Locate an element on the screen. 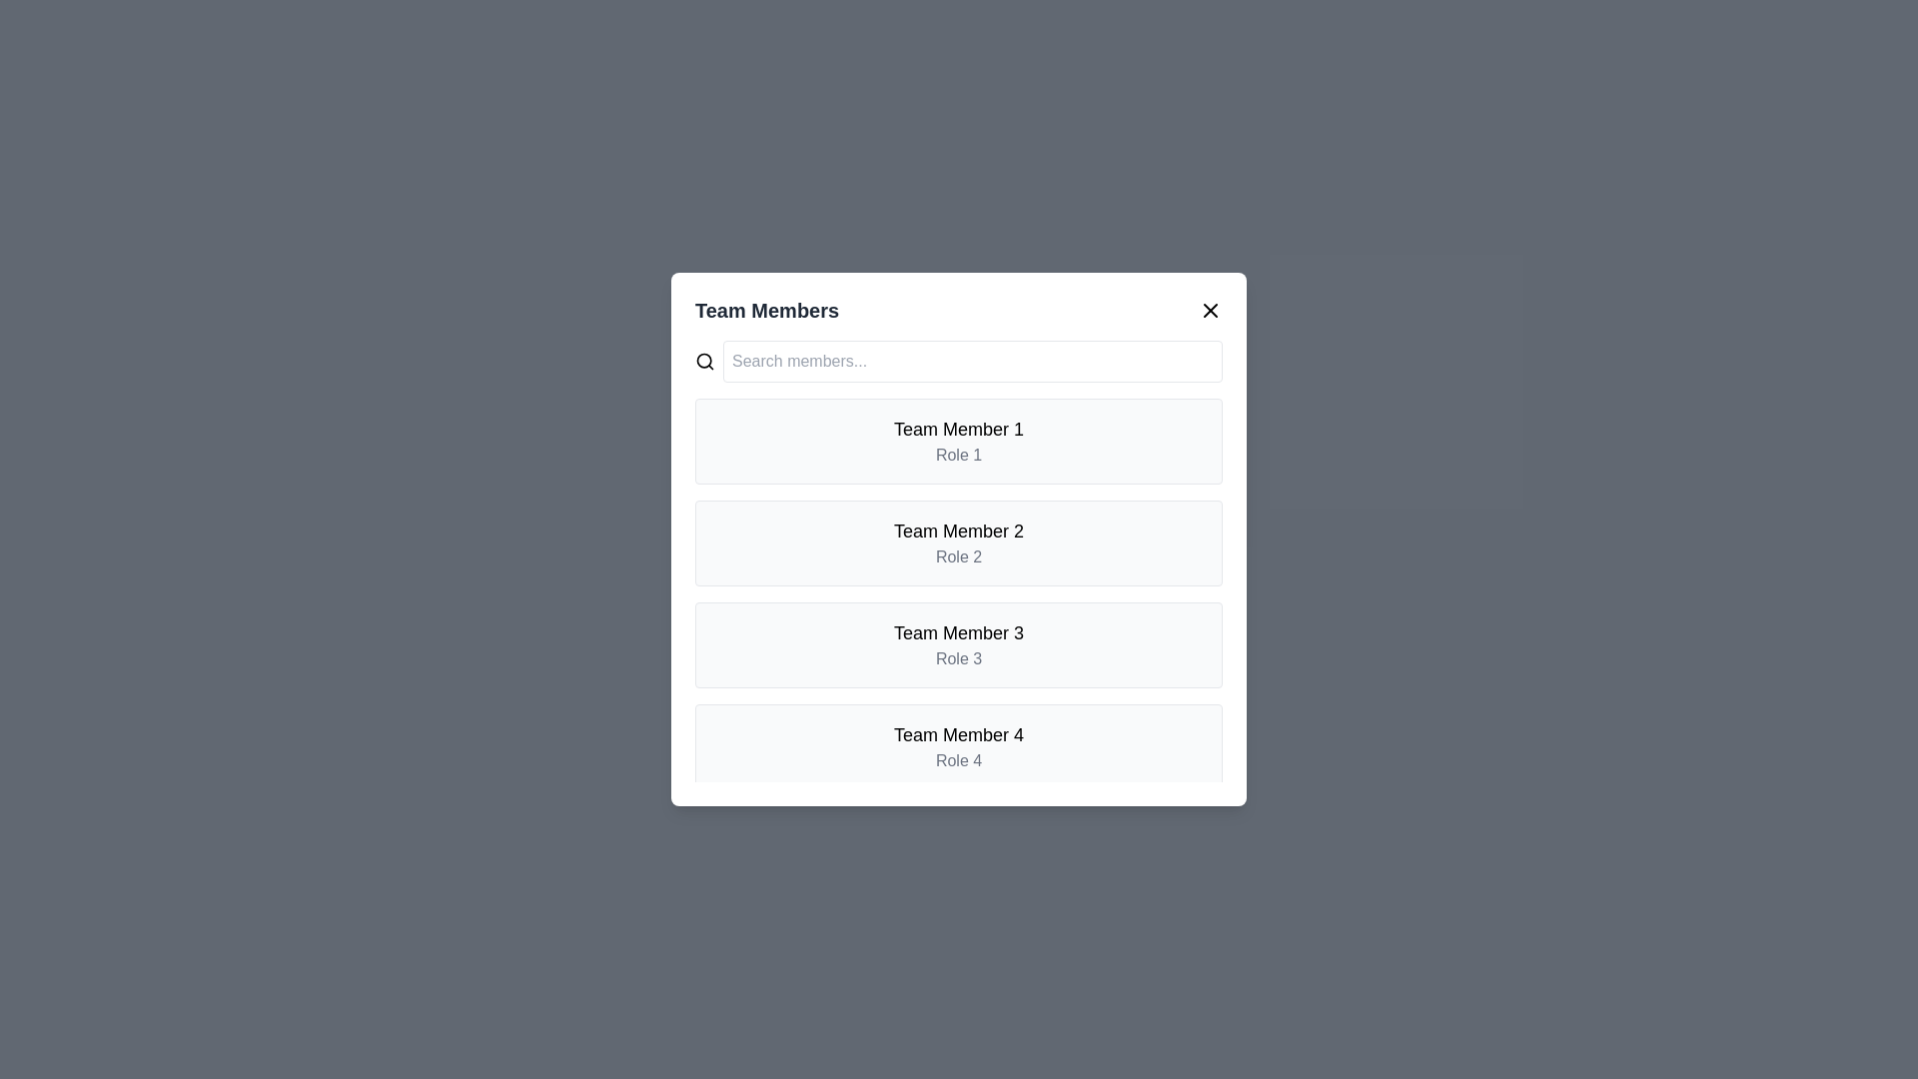 The height and width of the screenshot is (1079, 1918). the card of team member Team Member 1 is located at coordinates (959, 441).